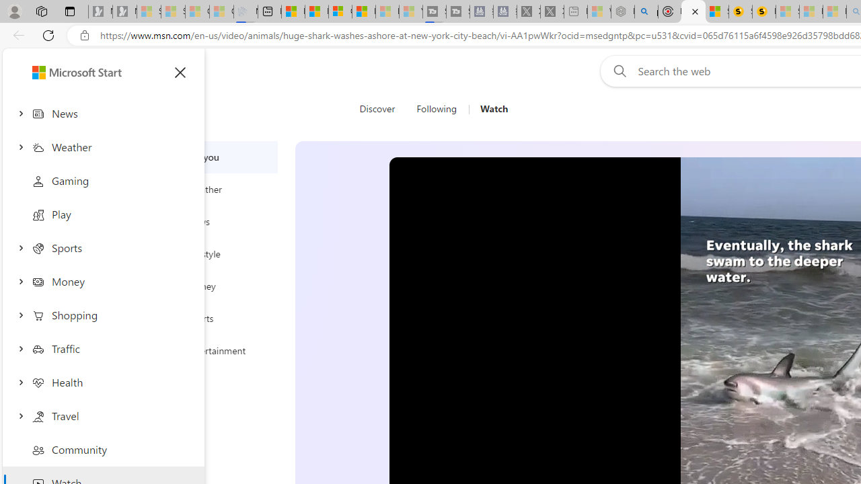 This screenshot has height=484, width=861. What do you see at coordinates (616, 71) in the screenshot?
I see `'Web search'` at bounding box center [616, 71].